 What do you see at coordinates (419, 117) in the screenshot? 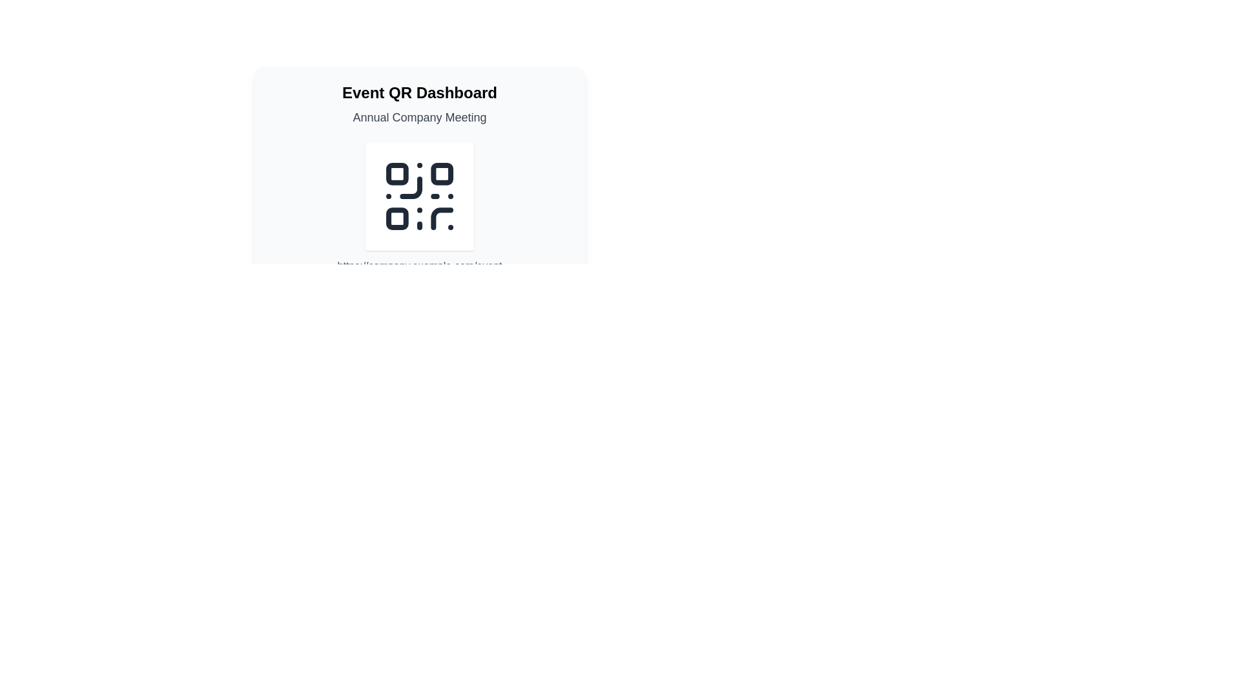
I see `the text block located directly below the 'Event QR Dashboard' heading, which provides additional context or detail for the event described on the dashboard` at bounding box center [419, 117].